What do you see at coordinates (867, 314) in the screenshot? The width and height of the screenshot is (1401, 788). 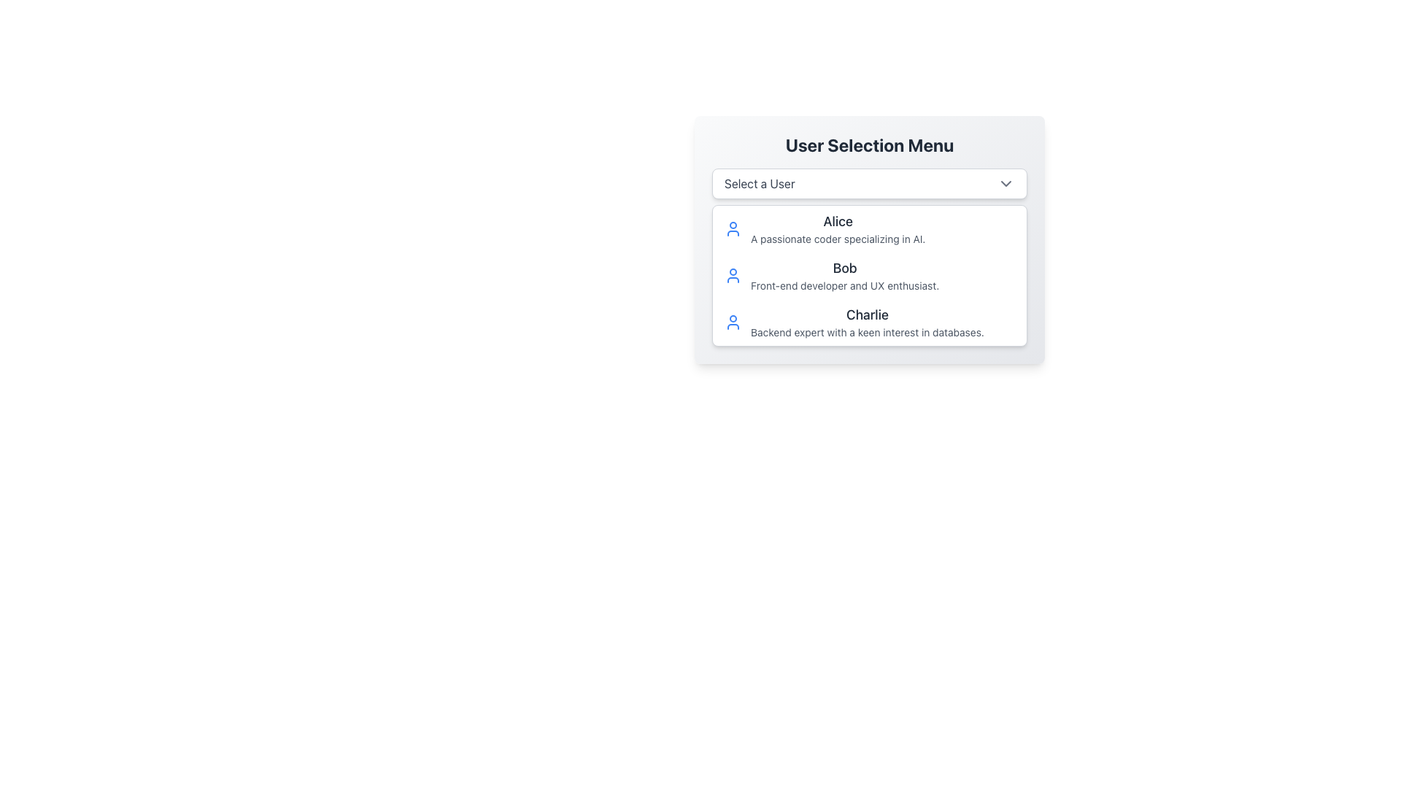 I see `text label displaying the name 'Charlie' in bold and dark gray located in the third row of the user selection interface` at bounding box center [867, 314].